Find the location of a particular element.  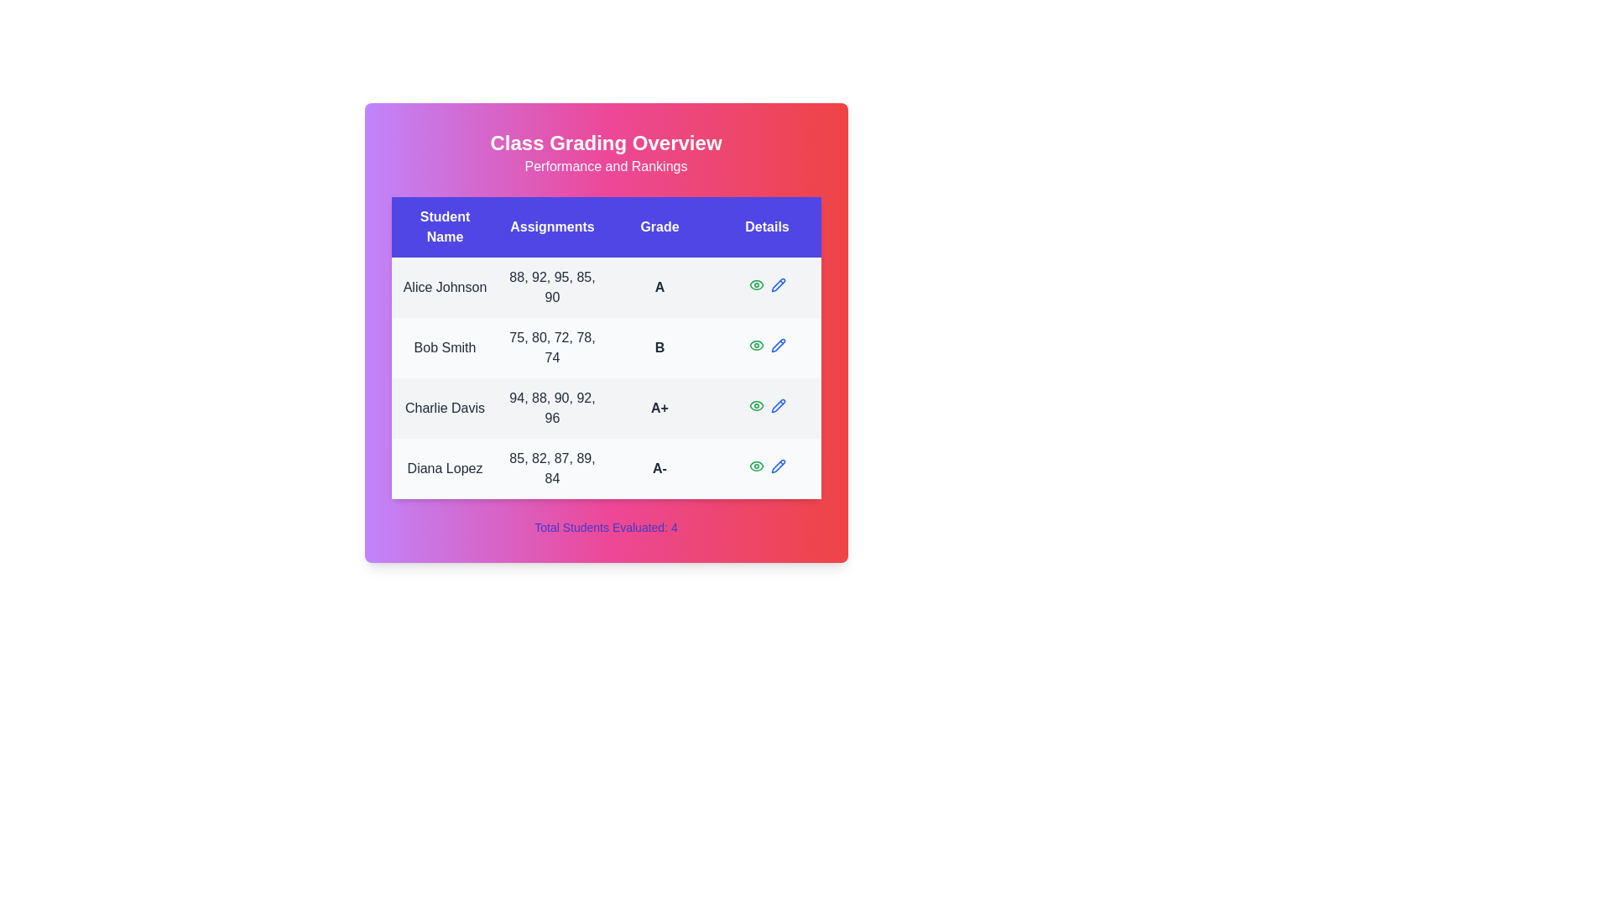

the row corresponding to Alice Johnson is located at coordinates (605, 287).